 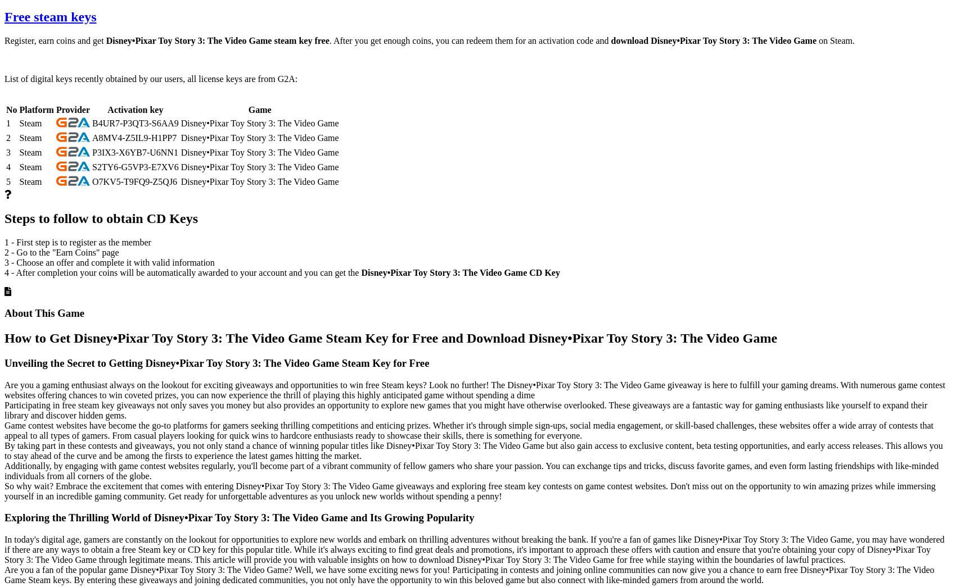 What do you see at coordinates (152, 181) in the screenshot?
I see `'Z5QJ6'` at bounding box center [152, 181].